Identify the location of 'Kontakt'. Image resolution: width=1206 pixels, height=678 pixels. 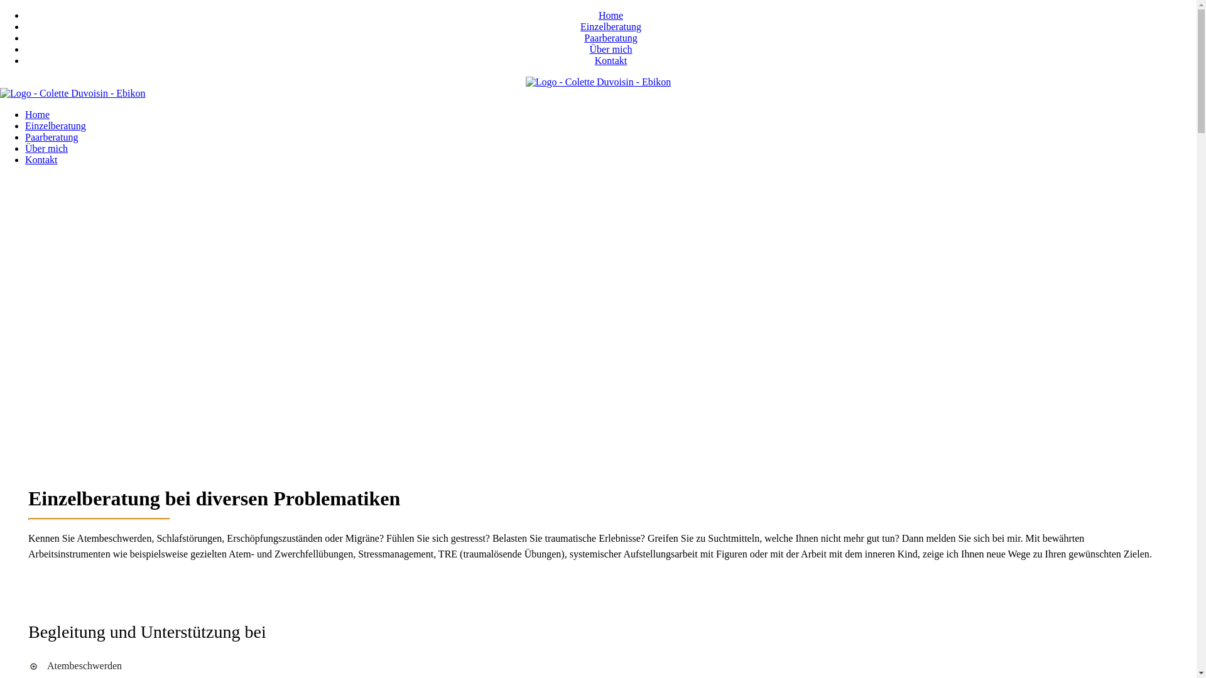
(611, 60).